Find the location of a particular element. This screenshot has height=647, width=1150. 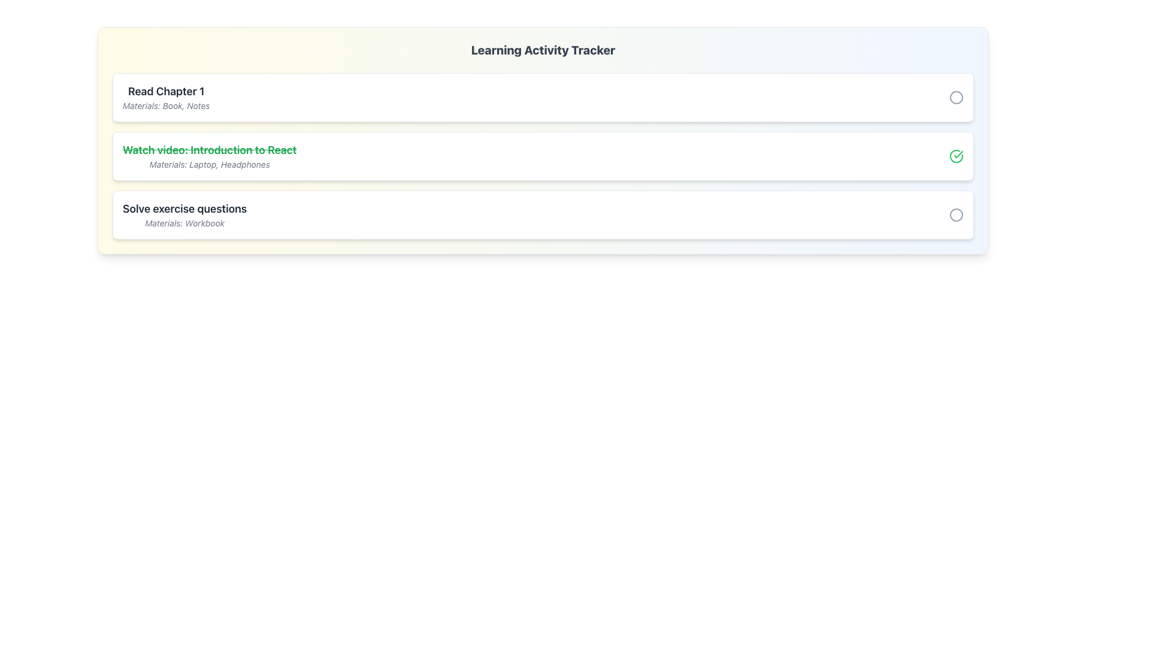

the label that identifies or describes the task in the list, located at the top-left region of the card labeled 'Read Chapter 1' is located at coordinates (165, 91).